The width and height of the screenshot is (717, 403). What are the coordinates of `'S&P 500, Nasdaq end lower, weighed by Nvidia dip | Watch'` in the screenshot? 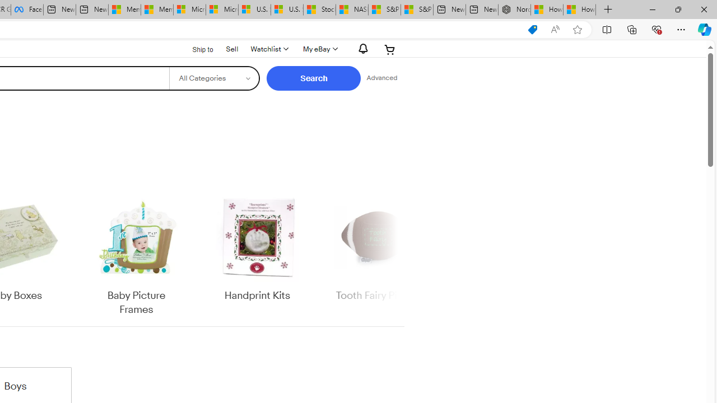 It's located at (416, 10).